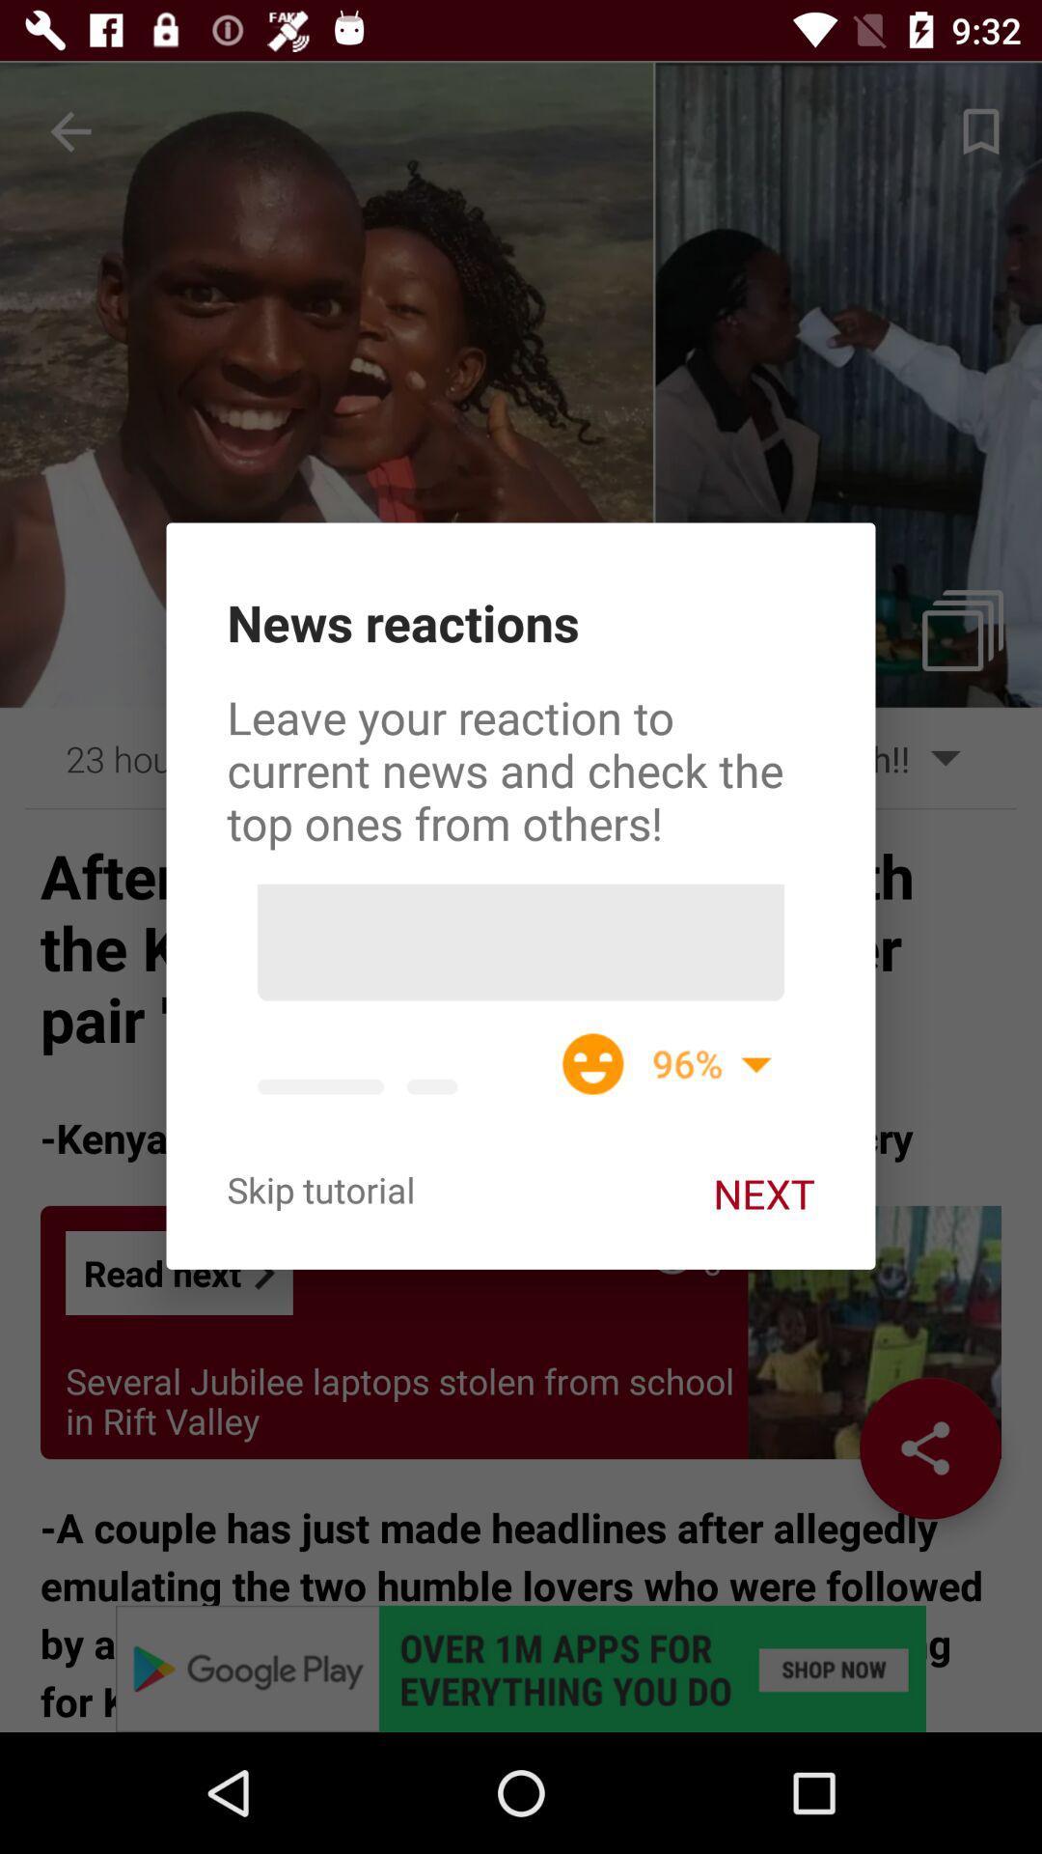 The width and height of the screenshot is (1042, 1854). What do you see at coordinates (762, 1193) in the screenshot?
I see `the icon to the right of the skip tutorial item` at bounding box center [762, 1193].